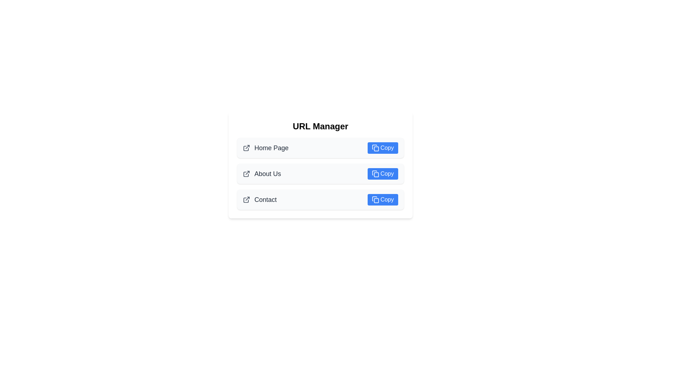 The height and width of the screenshot is (388, 690). What do you see at coordinates (382, 148) in the screenshot?
I see `the topmost 'Copy' button located on the right side of the row labeled 'Home Page'` at bounding box center [382, 148].